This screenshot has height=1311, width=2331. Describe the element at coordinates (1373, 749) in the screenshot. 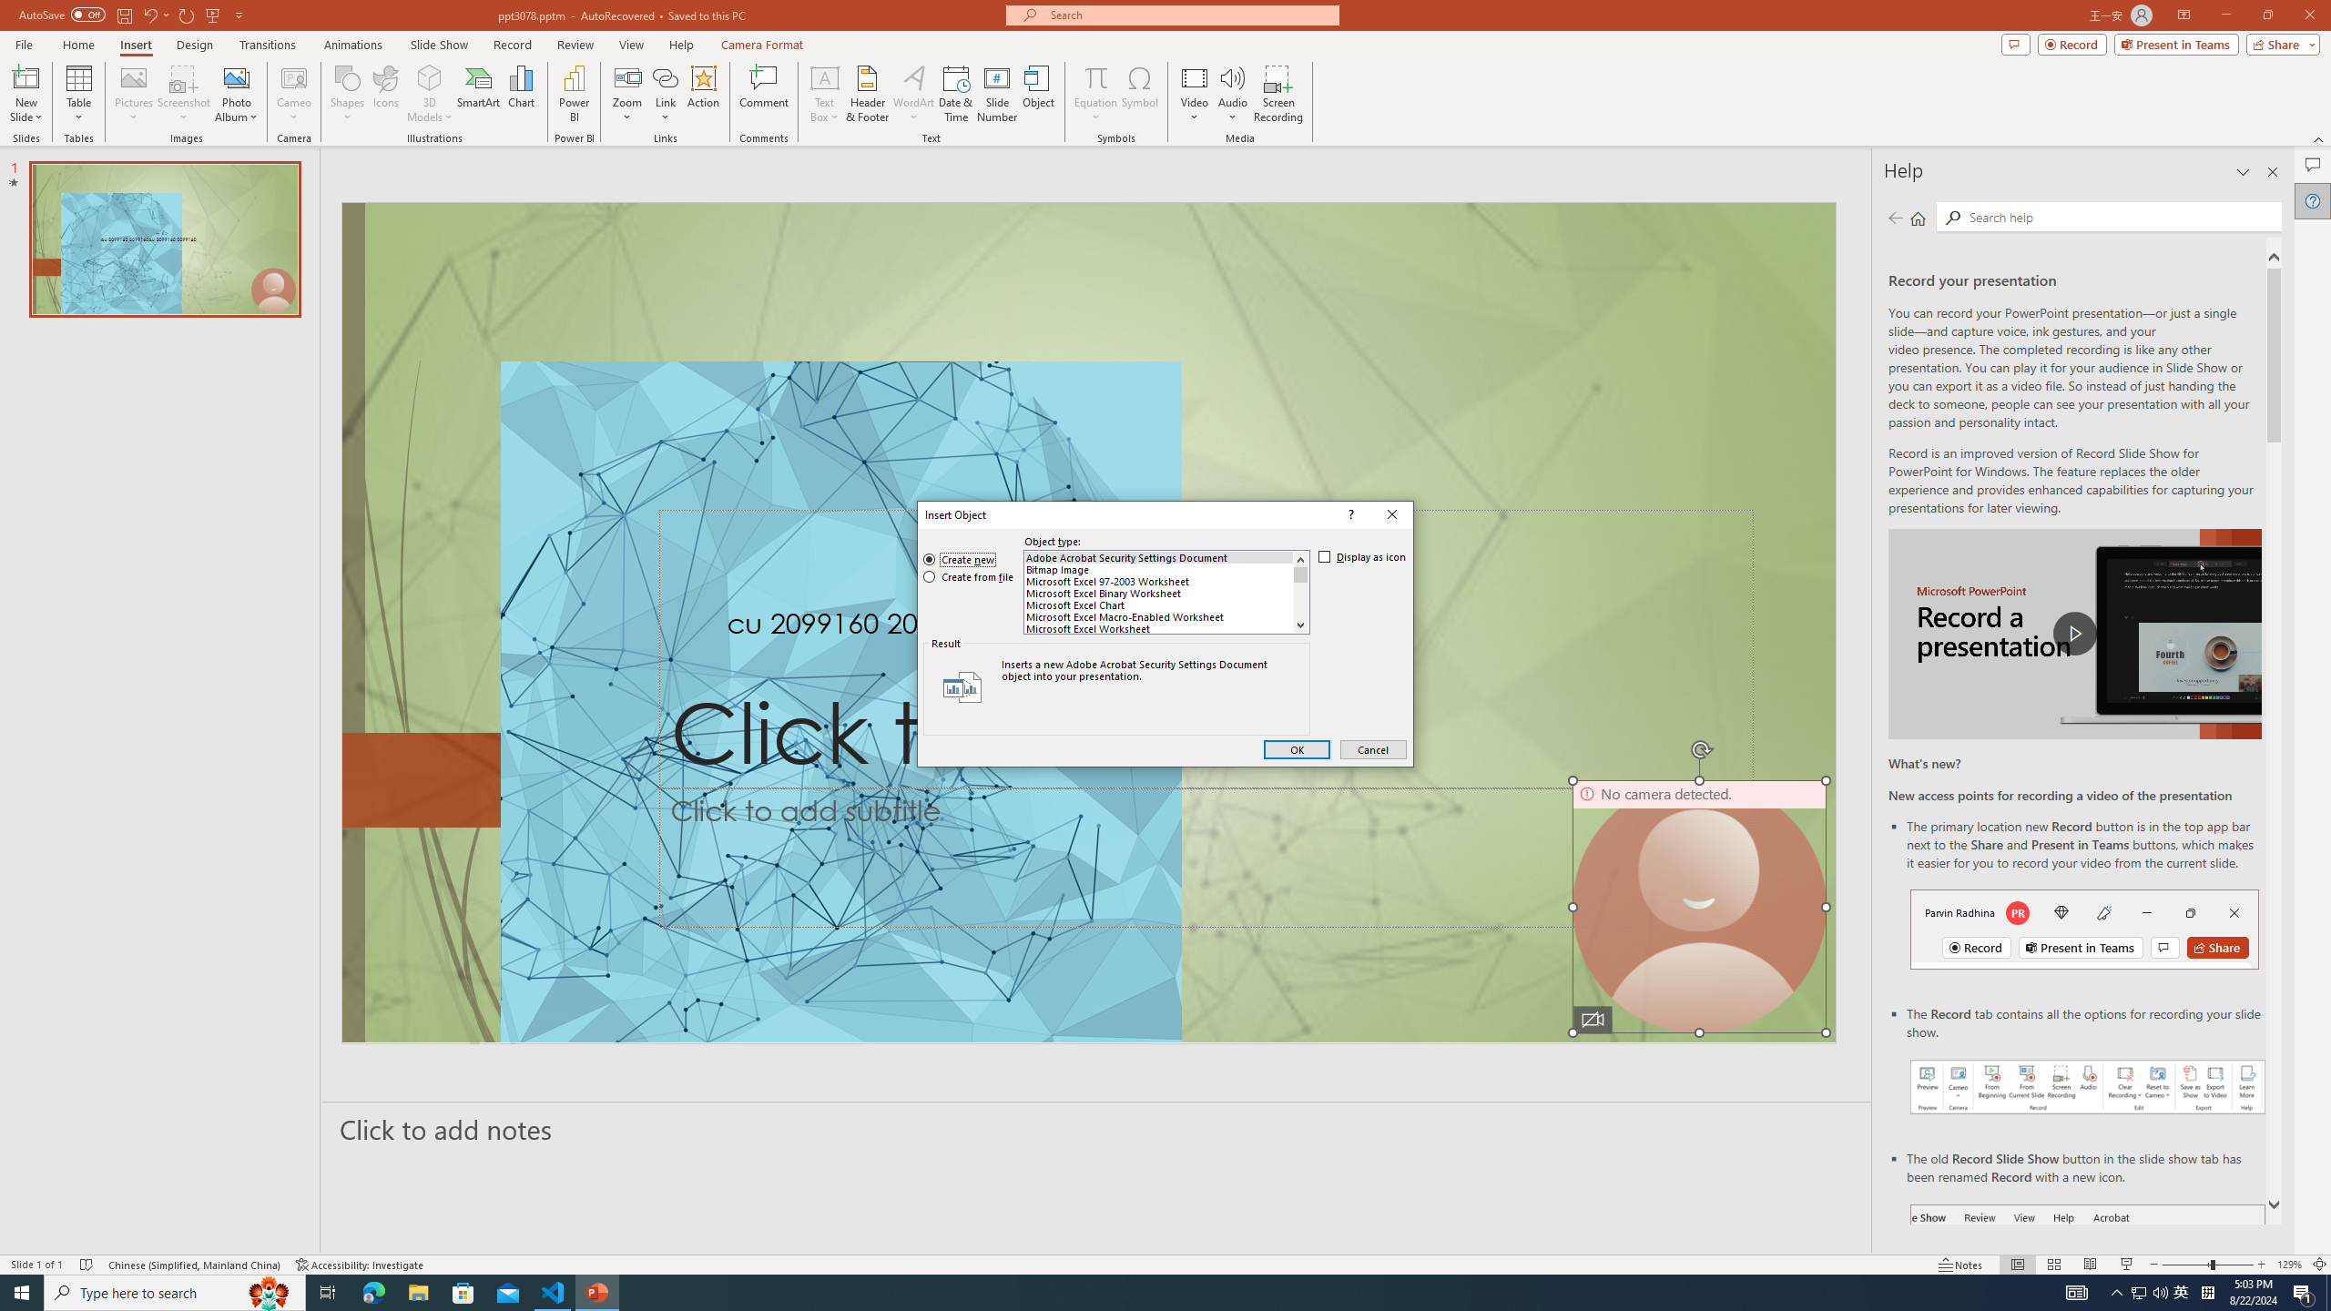

I see `'Cancel'` at that location.